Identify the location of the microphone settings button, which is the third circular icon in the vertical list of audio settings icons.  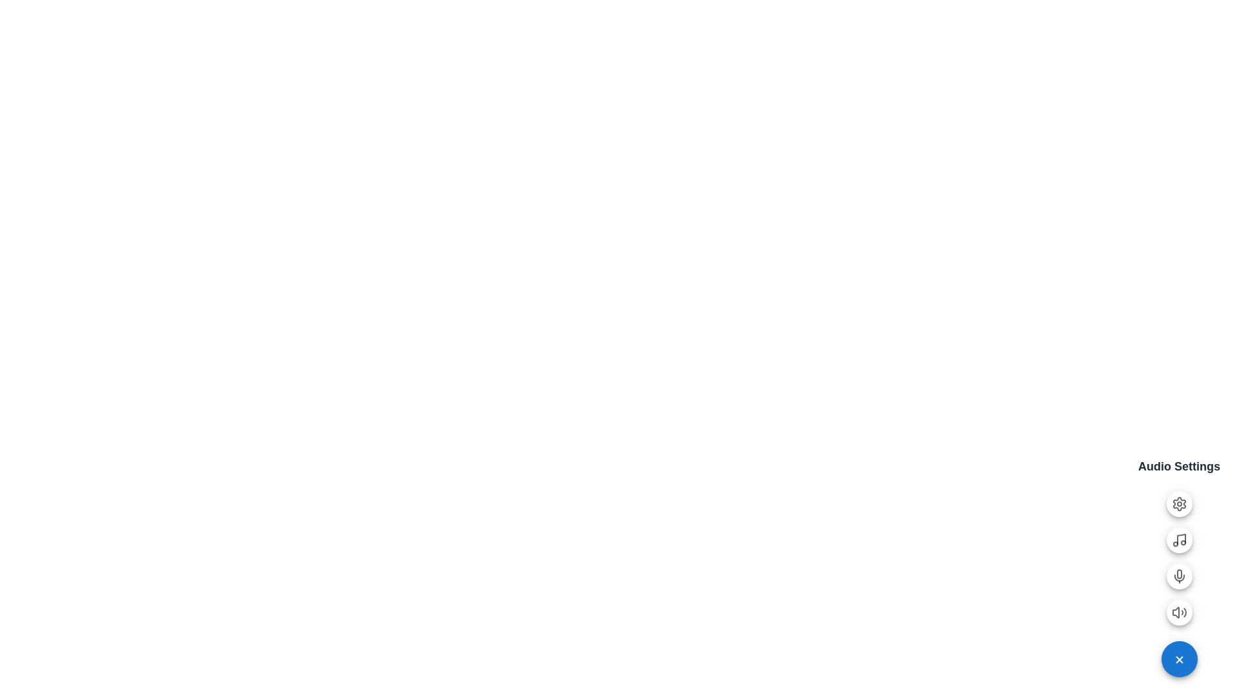
(1179, 575).